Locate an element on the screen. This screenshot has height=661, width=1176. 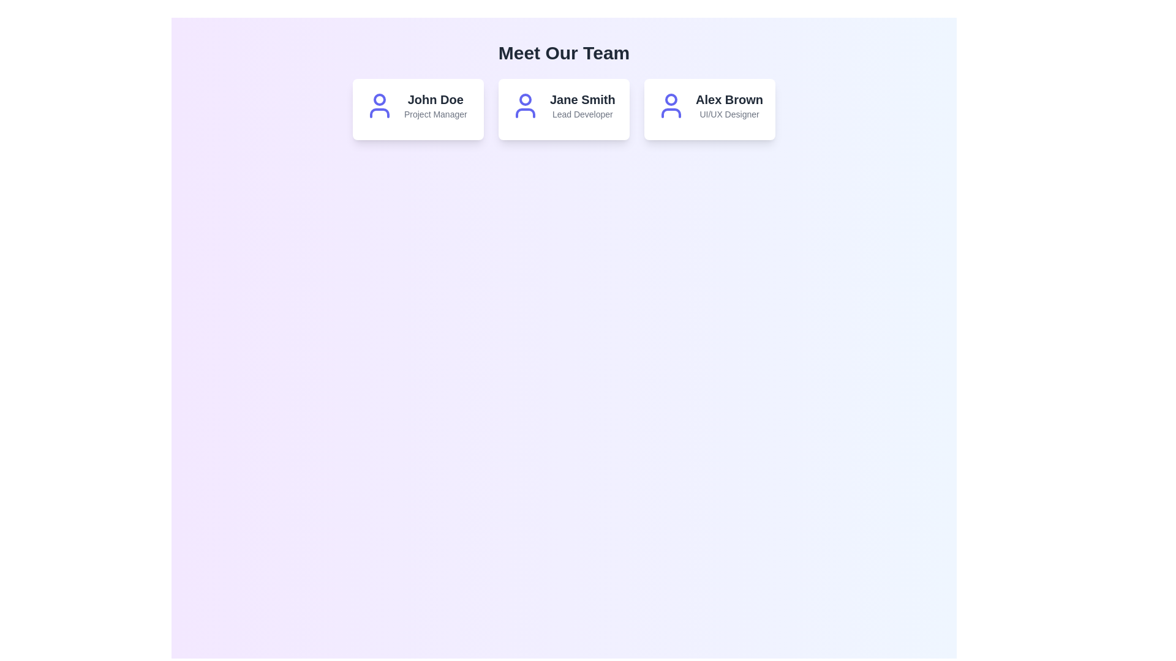
visual details of the Profile card component, which is the first card in a row of three under the title 'Meet Our Team' is located at coordinates (418, 105).